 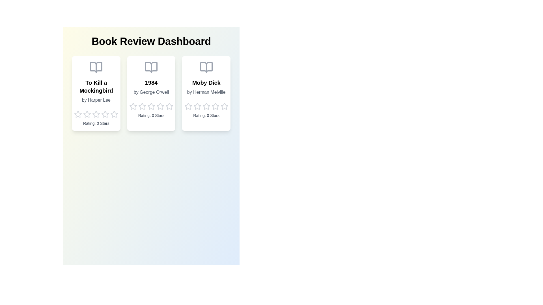 What do you see at coordinates (151, 83) in the screenshot?
I see `the book title 1984 to select it` at bounding box center [151, 83].